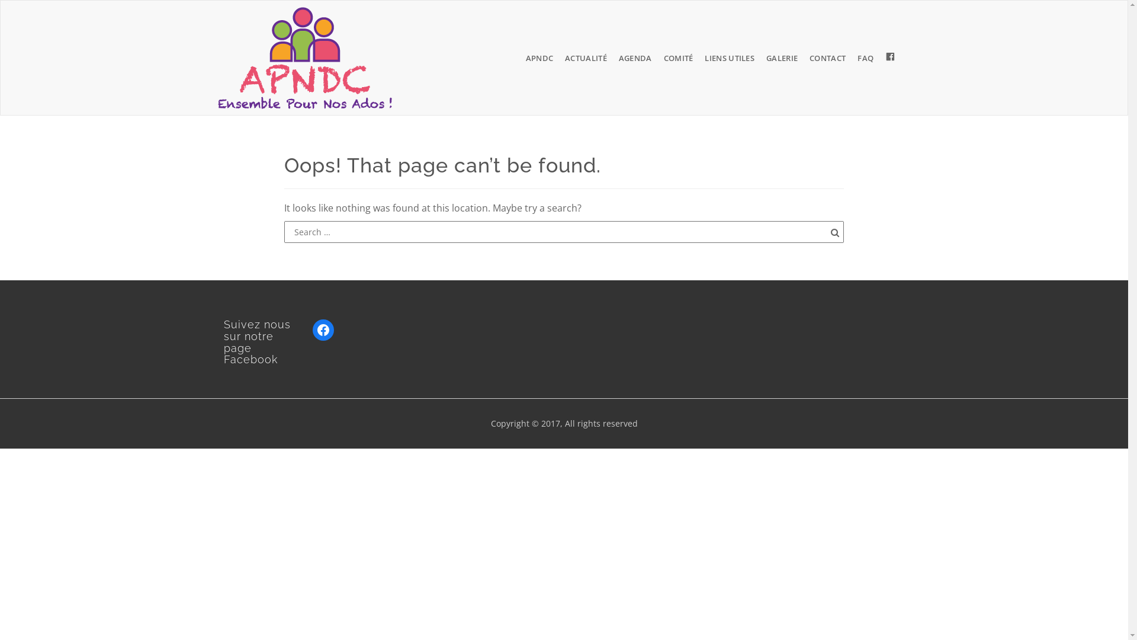 Image resolution: width=1137 pixels, height=640 pixels. Describe the element at coordinates (885, 57) in the screenshot. I see `'PAGE FACEBOOK APNDC'` at that location.